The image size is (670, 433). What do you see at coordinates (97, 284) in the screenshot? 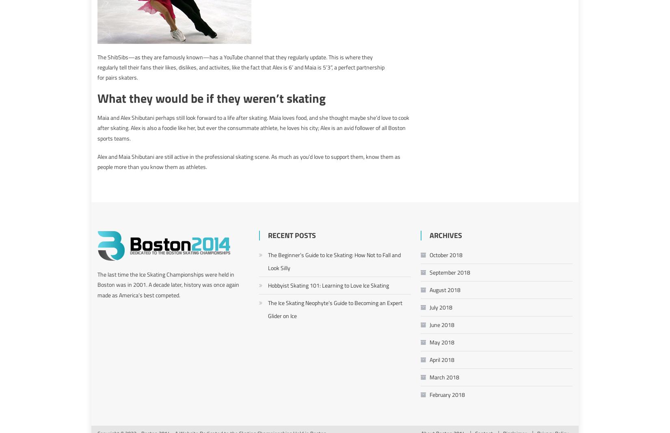
I see `'The last time the Ice Skating Championships were held in Boston was in 2001. A decade later, history was once again made as America’s best competed.'` at bounding box center [97, 284].